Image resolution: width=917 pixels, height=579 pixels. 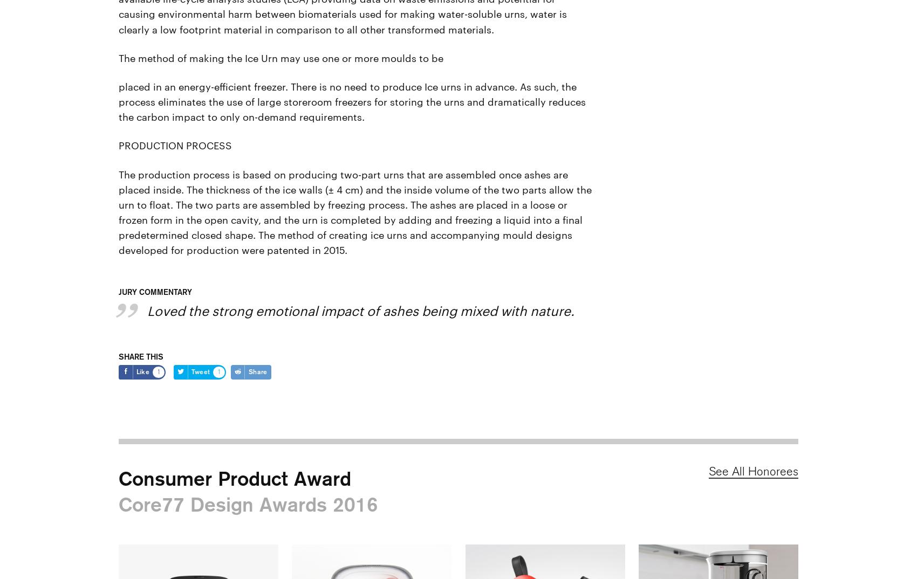 What do you see at coordinates (141, 356) in the screenshot?
I see `'Share This'` at bounding box center [141, 356].